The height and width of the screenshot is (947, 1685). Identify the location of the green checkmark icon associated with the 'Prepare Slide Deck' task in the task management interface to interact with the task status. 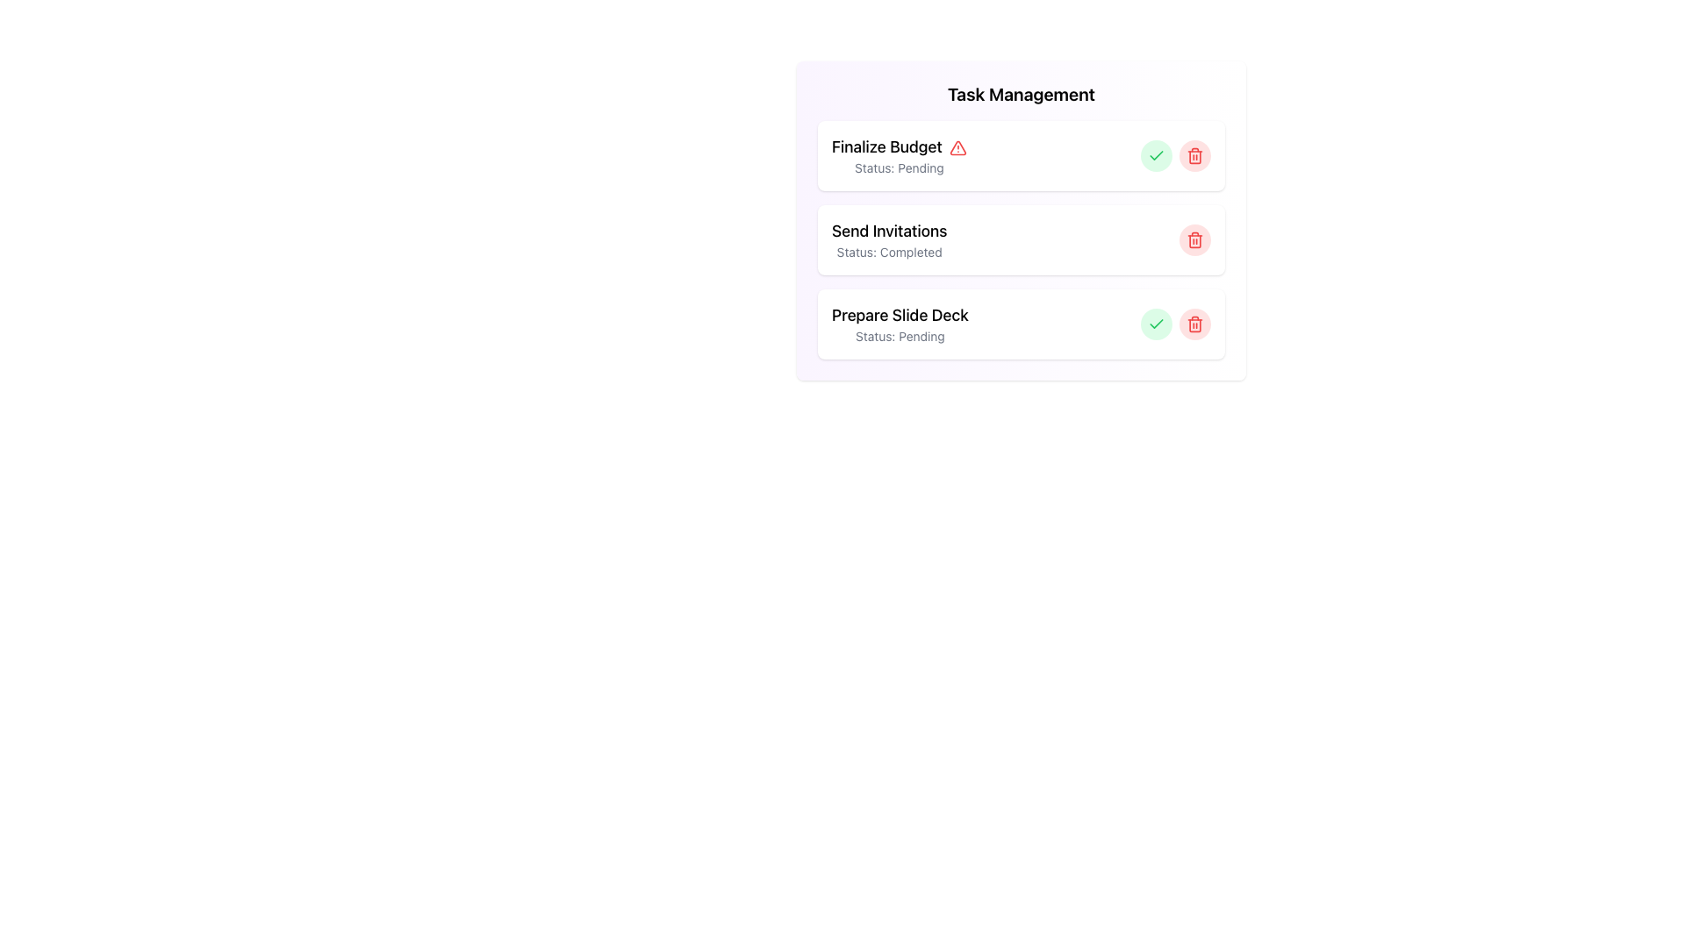
(1157, 324).